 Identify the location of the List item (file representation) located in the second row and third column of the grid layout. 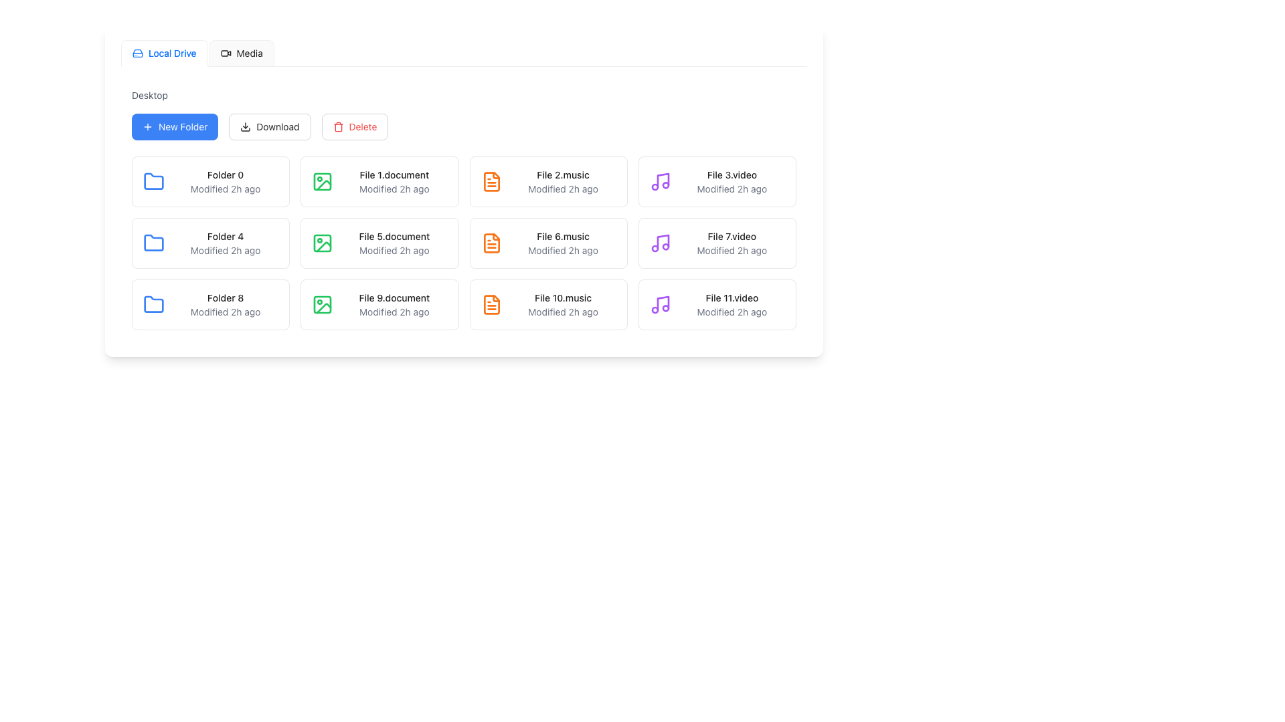
(379, 243).